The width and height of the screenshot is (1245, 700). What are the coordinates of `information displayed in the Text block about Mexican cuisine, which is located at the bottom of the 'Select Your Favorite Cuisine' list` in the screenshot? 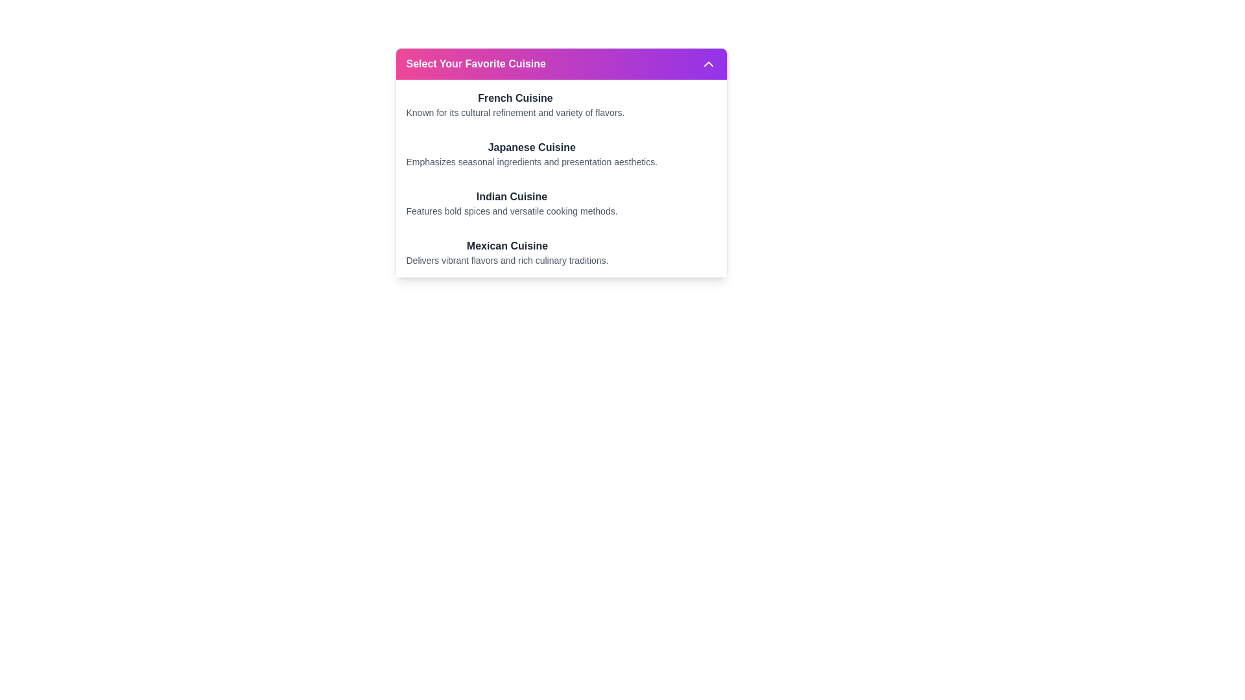 It's located at (506, 252).